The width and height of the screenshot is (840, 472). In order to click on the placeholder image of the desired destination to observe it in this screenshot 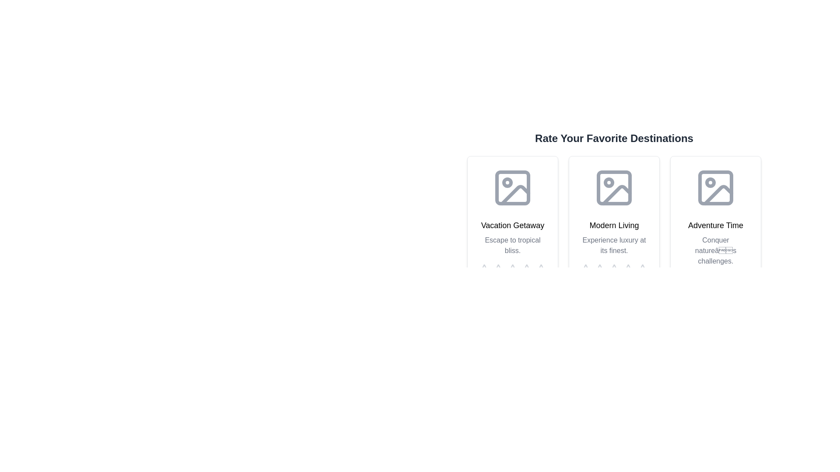, I will do `click(512, 187)`.